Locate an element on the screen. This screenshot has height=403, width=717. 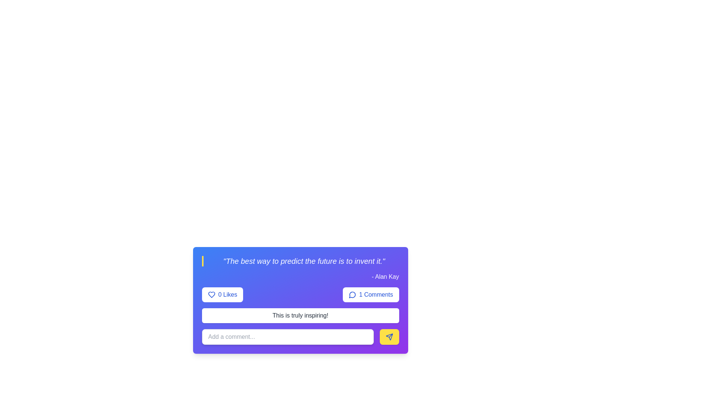
the heart-shaped icon is located at coordinates (211, 294).